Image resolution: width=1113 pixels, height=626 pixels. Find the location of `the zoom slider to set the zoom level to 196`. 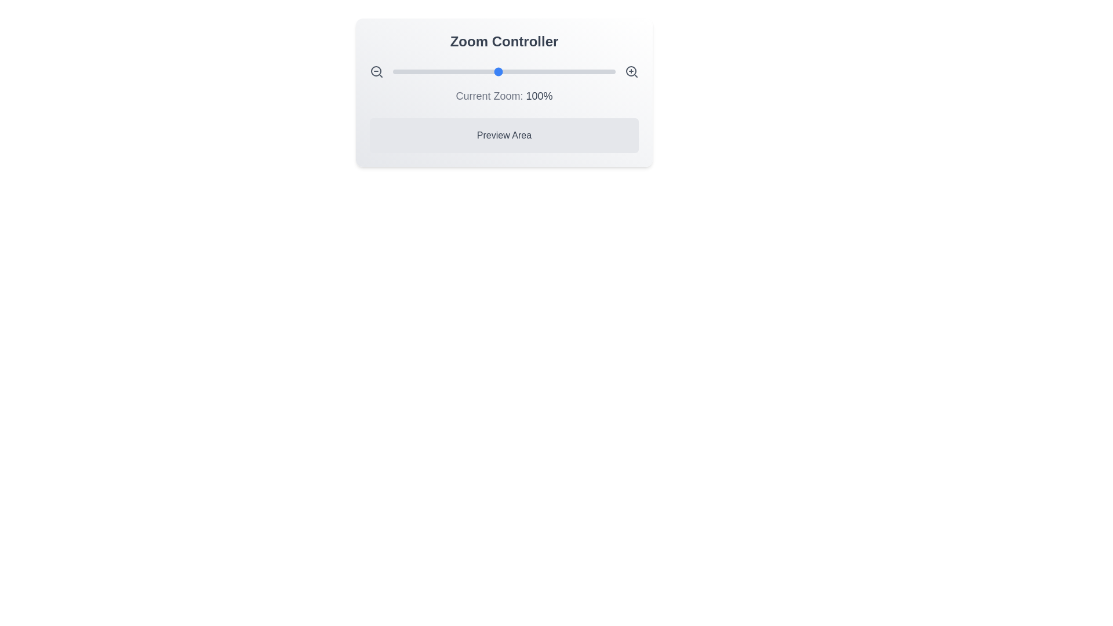

the zoom slider to set the zoom level to 196 is located at coordinates (610, 71).